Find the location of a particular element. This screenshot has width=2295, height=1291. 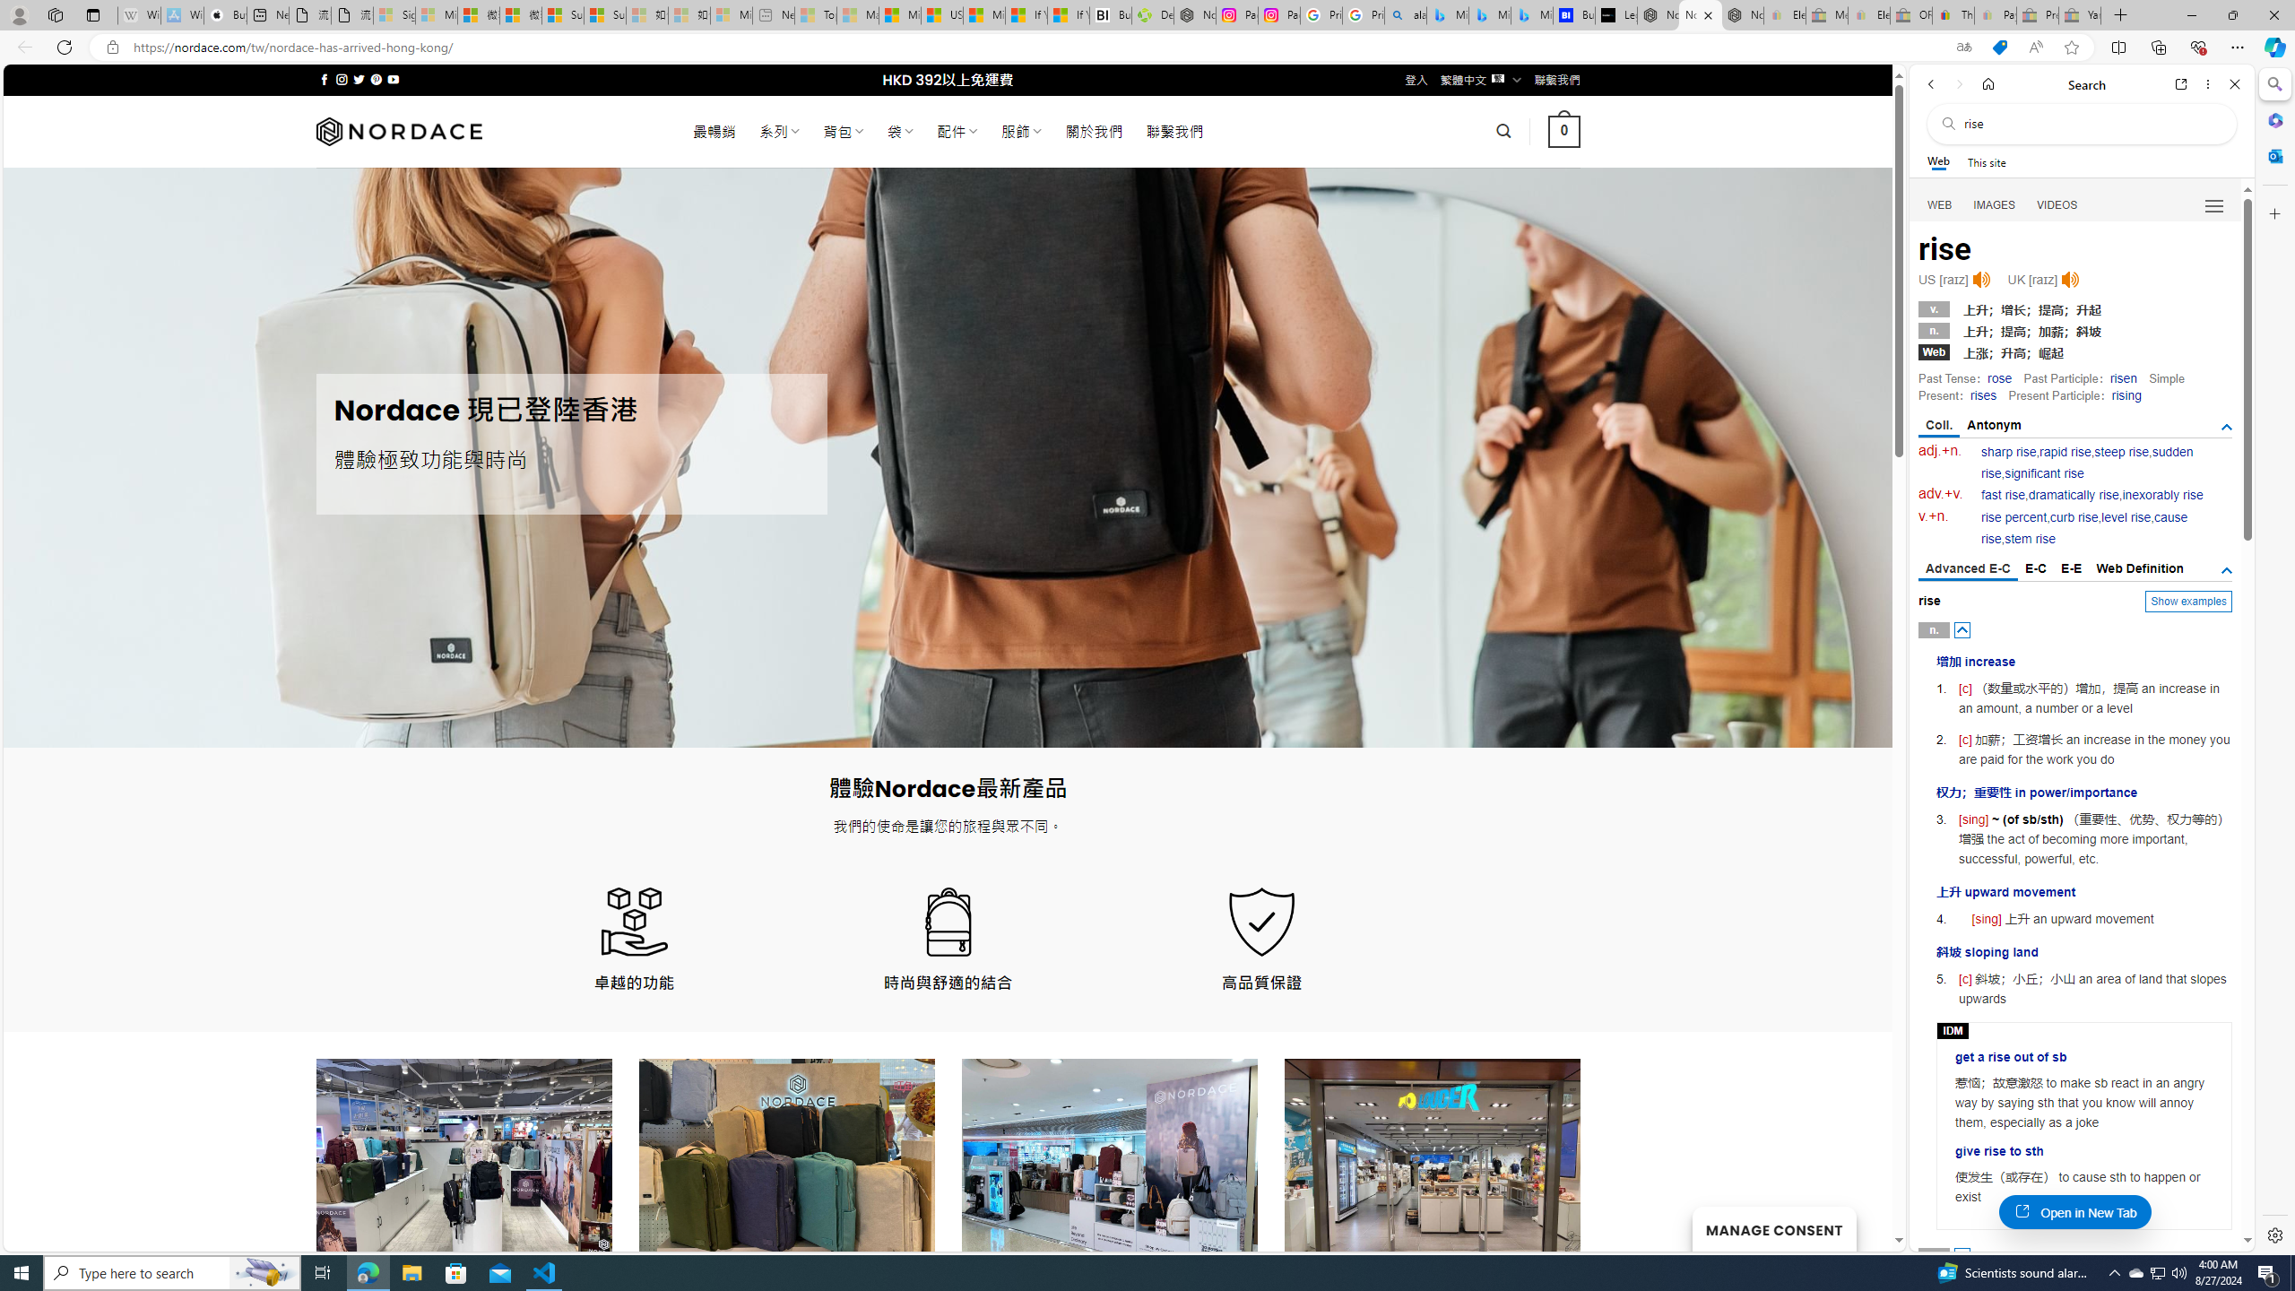

'Payments Terms of Use | eBay.com - Sleeping' is located at coordinates (1995, 14).